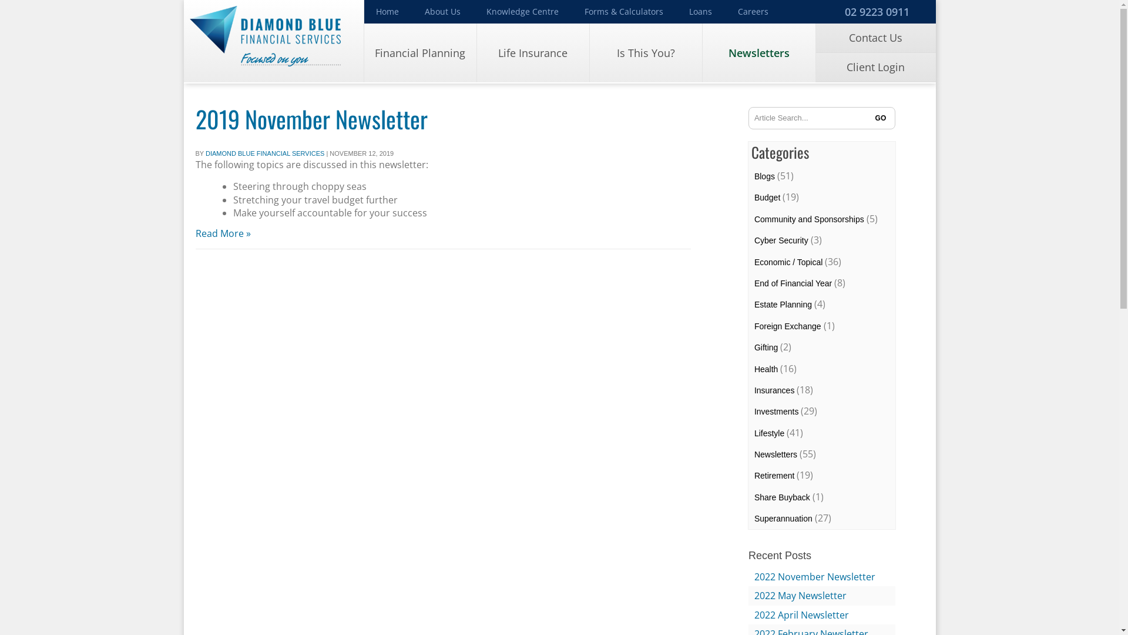 This screenshot has width=1128, height=635. I want to click on 'Financial Planning', so click(363, 52).